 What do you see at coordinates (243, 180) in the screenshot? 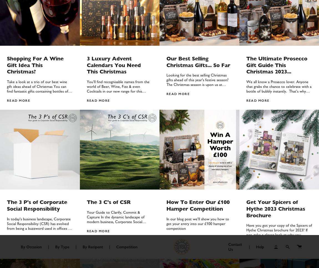
I see `'Newsletter'` at bounding box center [243, 180].